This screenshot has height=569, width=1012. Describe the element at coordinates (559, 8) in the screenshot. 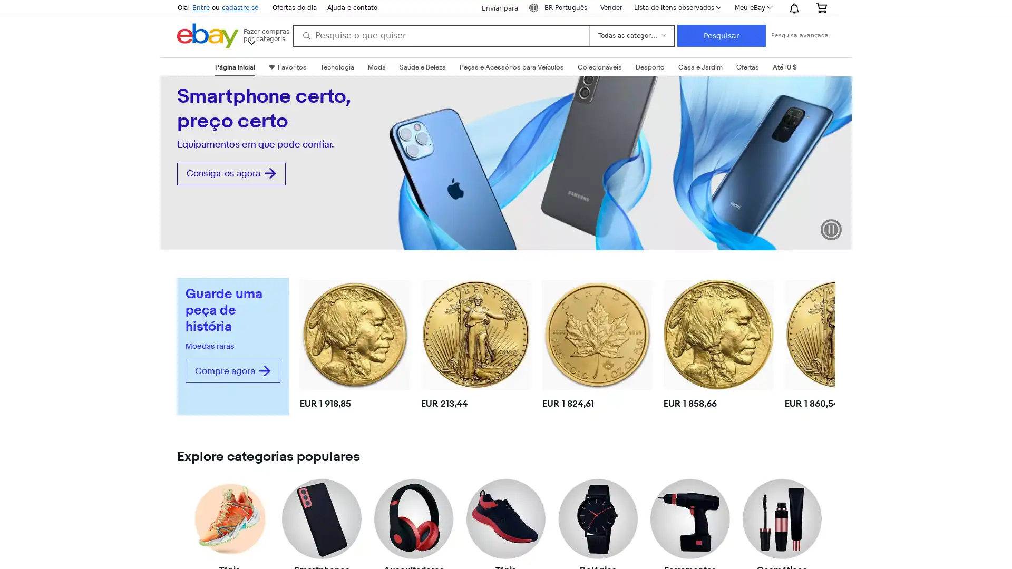

I see `Idioma atual: BR Portugues` at that location.